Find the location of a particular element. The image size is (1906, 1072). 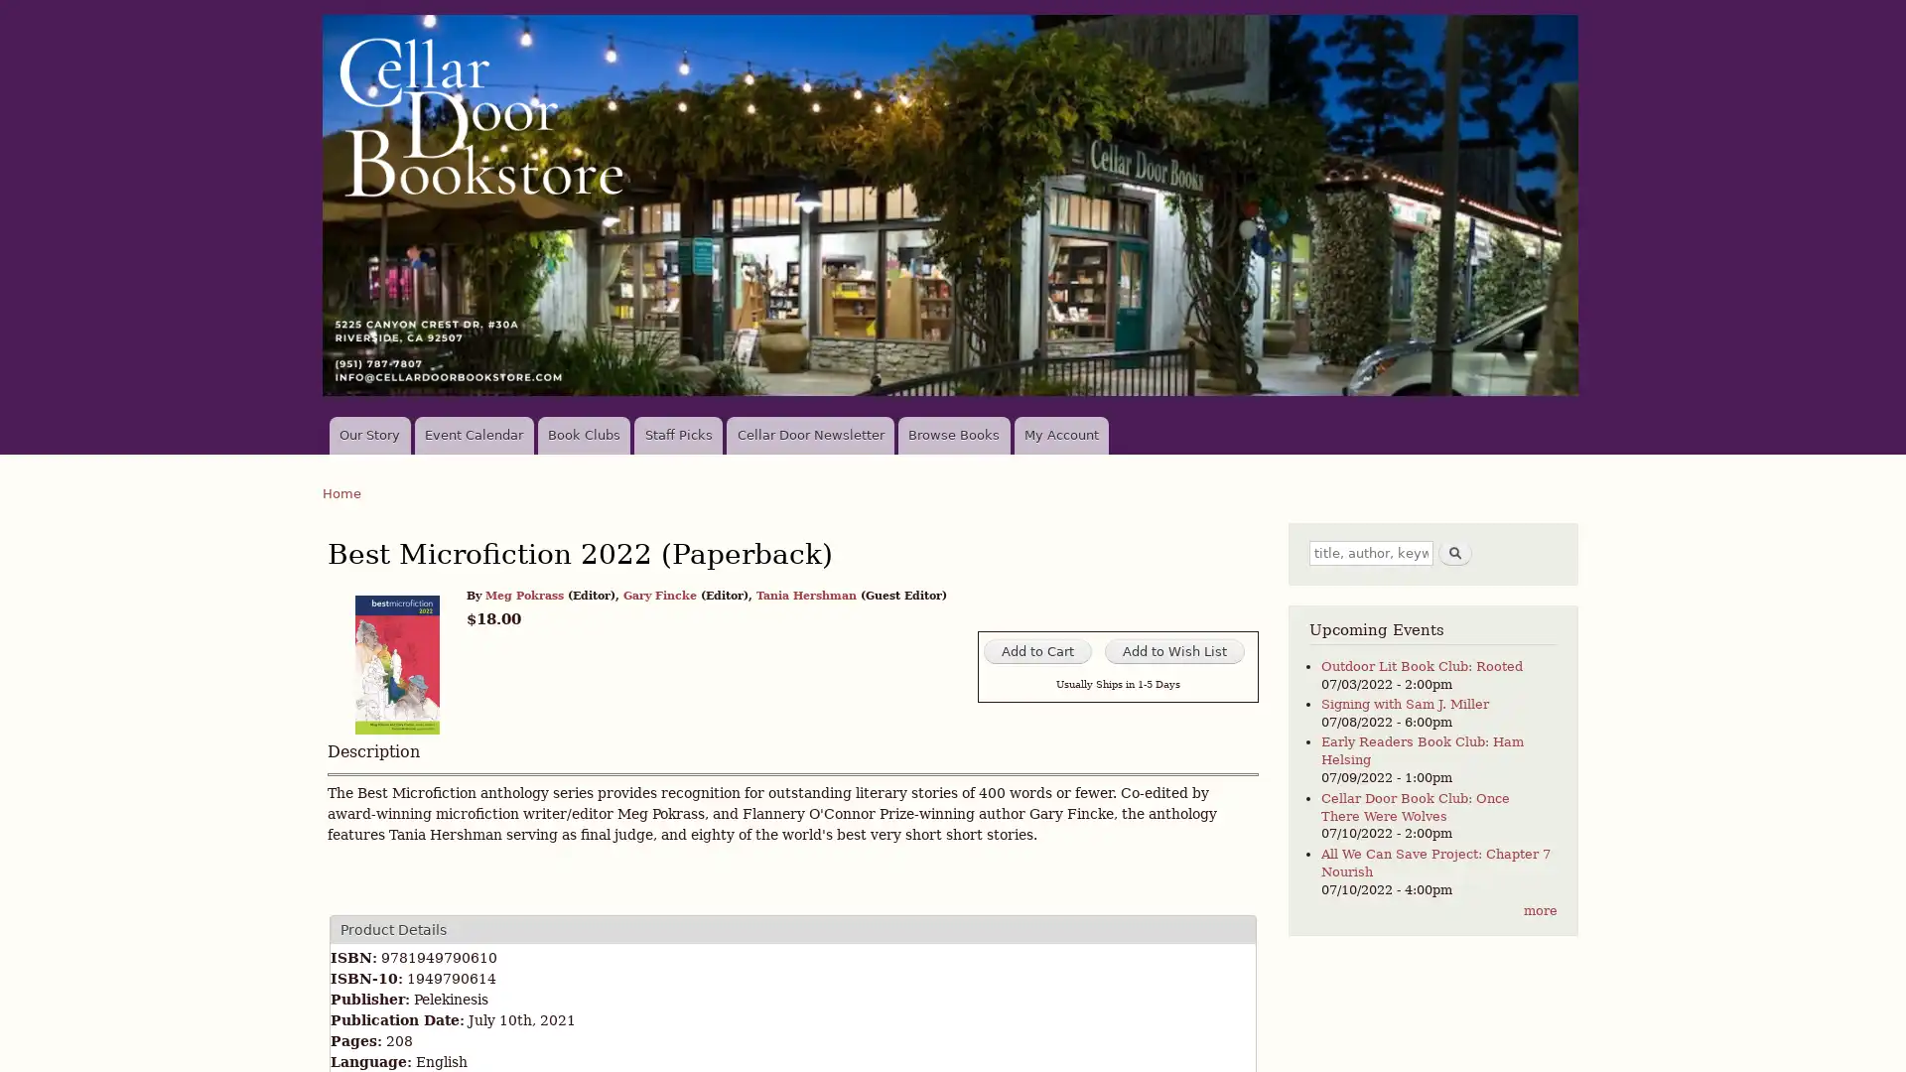

Add to Cart is located at coordinates (1035, 650).